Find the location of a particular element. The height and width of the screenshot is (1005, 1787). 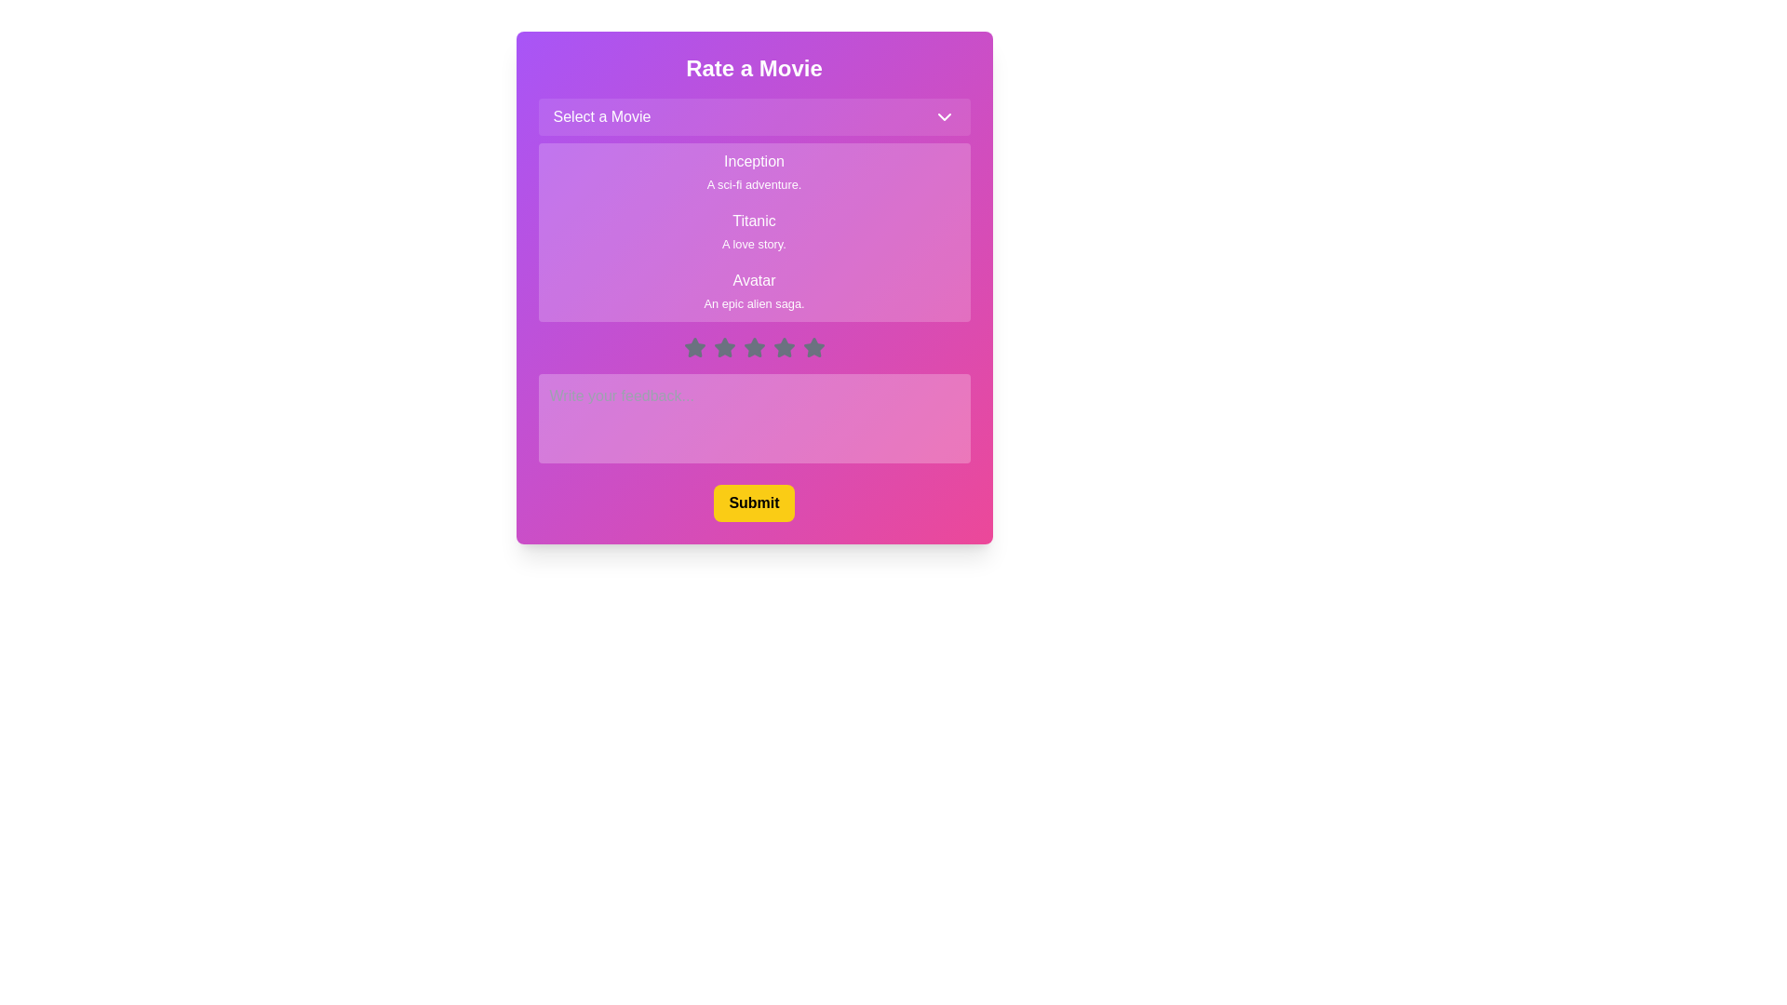

the static text that provides a brief summary for the movie 'Avatar', located below the movie title and above the rating section is located at coordinates (754, 302).